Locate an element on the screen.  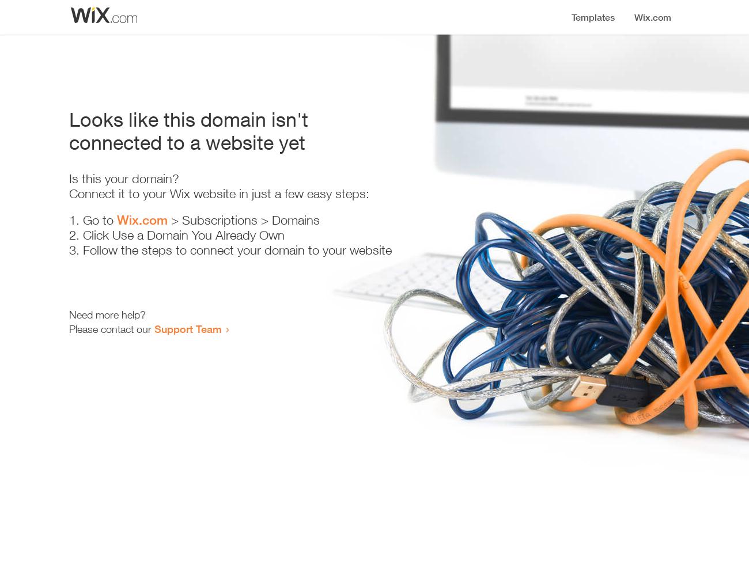
'Wix.com' is located at coordinates (117, 220).